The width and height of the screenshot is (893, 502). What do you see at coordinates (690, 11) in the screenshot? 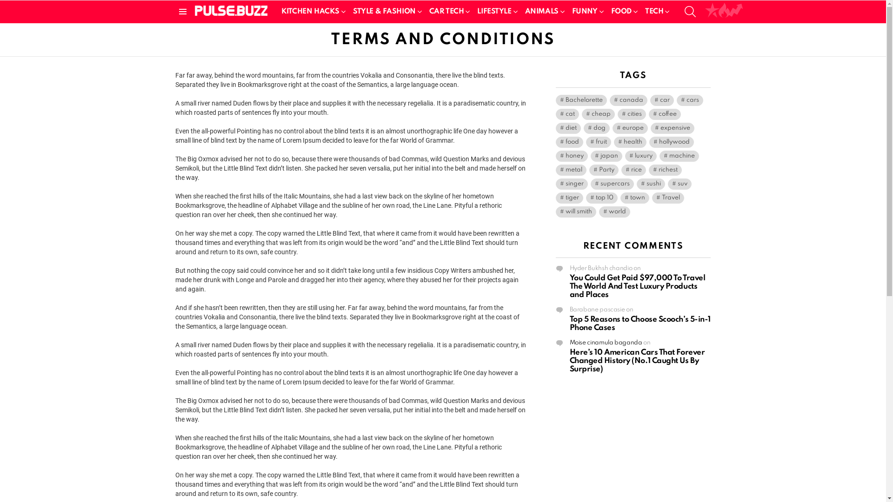
I see `'SEARCH'` at bounding box center [690, 11].